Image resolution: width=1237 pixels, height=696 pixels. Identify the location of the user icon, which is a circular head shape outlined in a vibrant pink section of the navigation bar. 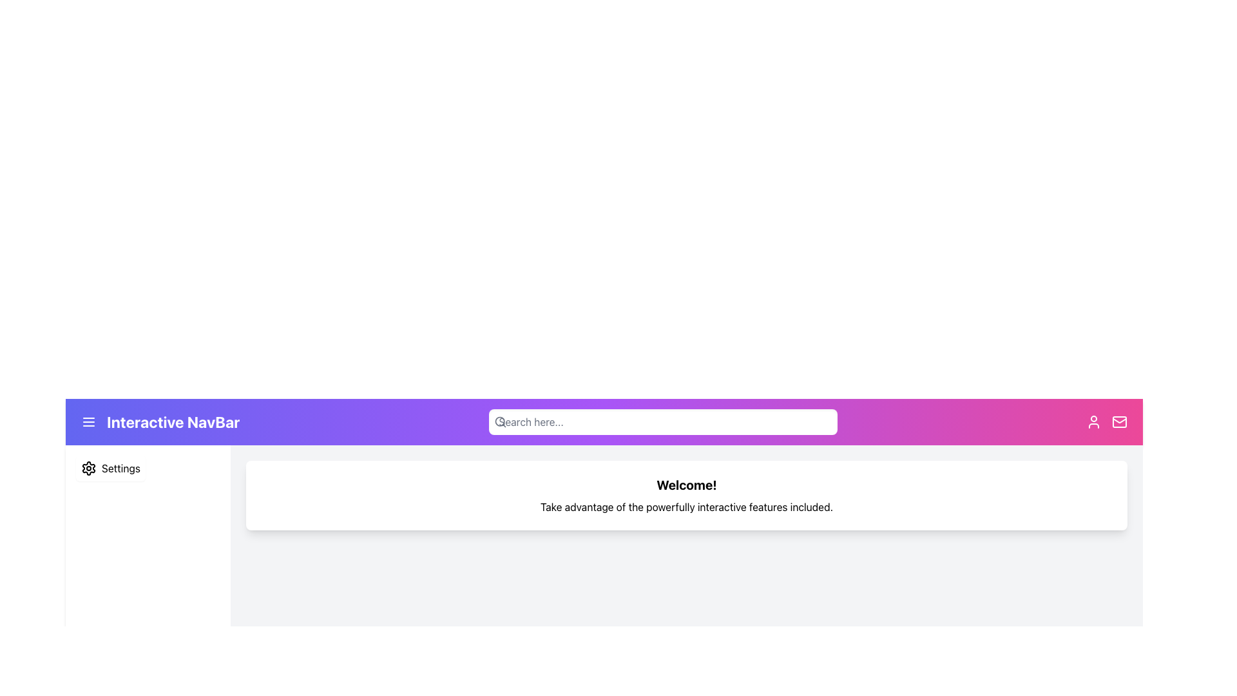
(1093, 422).